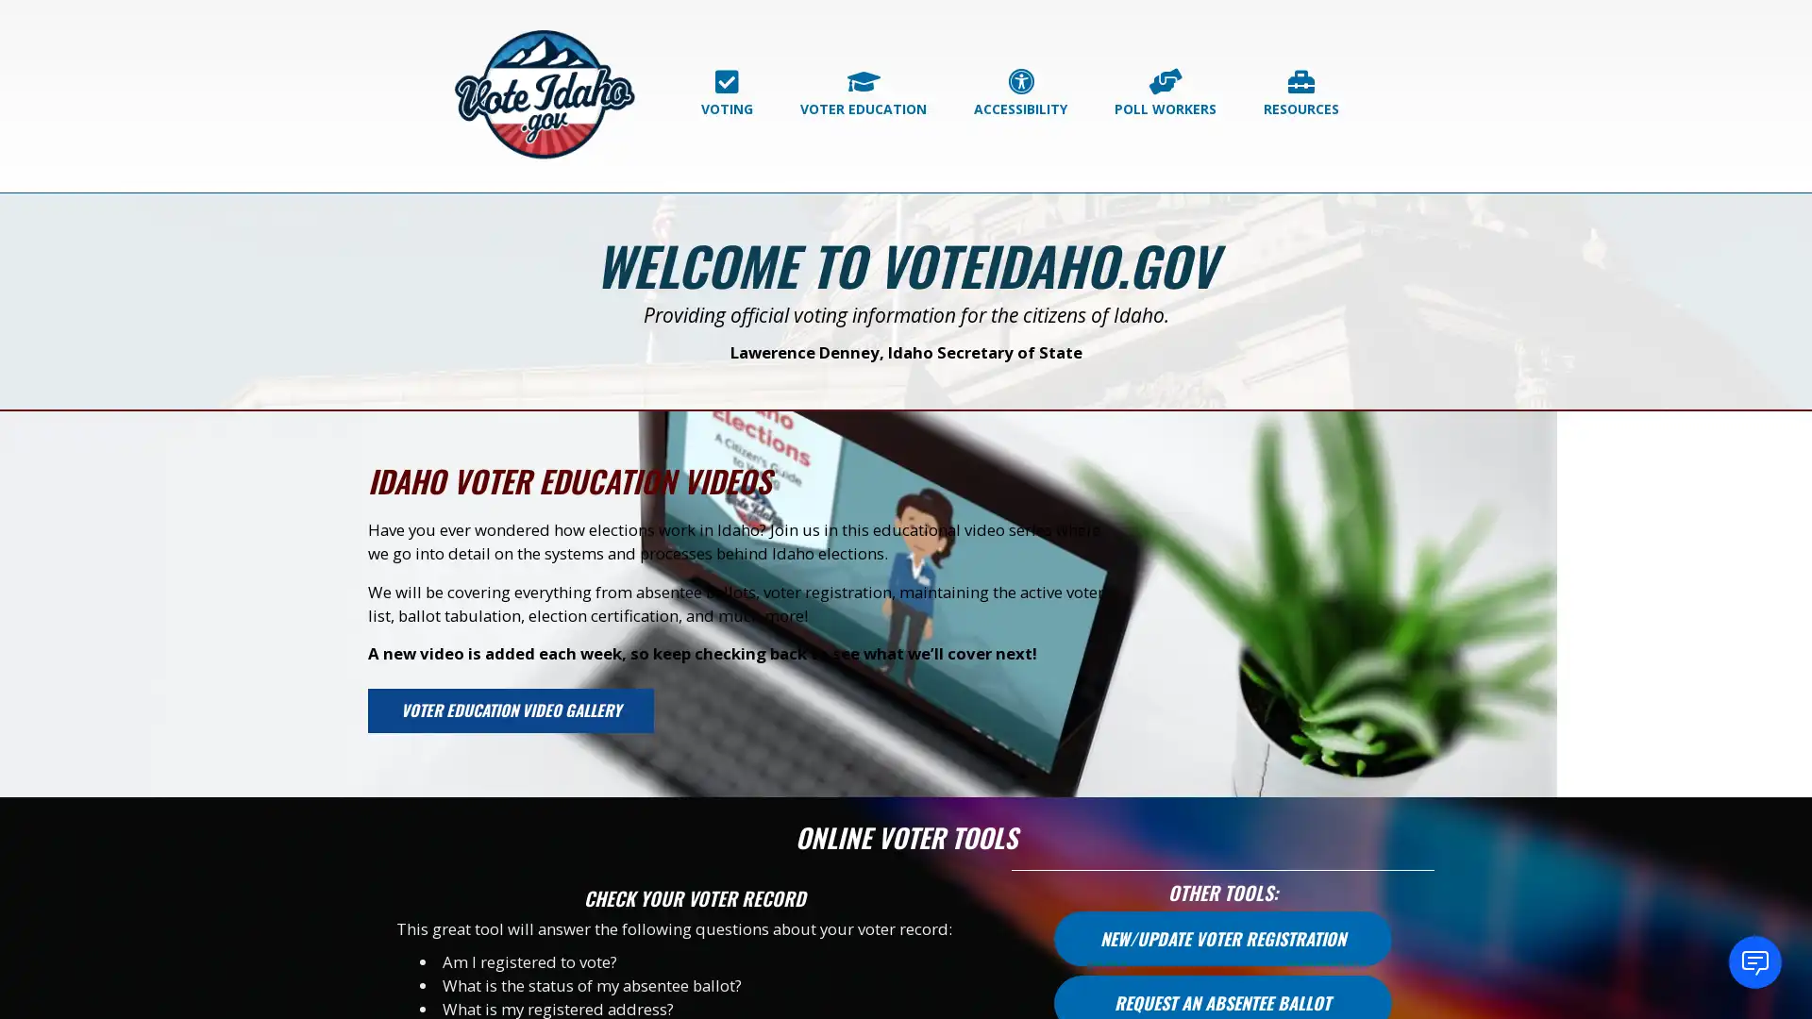  I want to click on Open the chat window, so click(1754, 961).